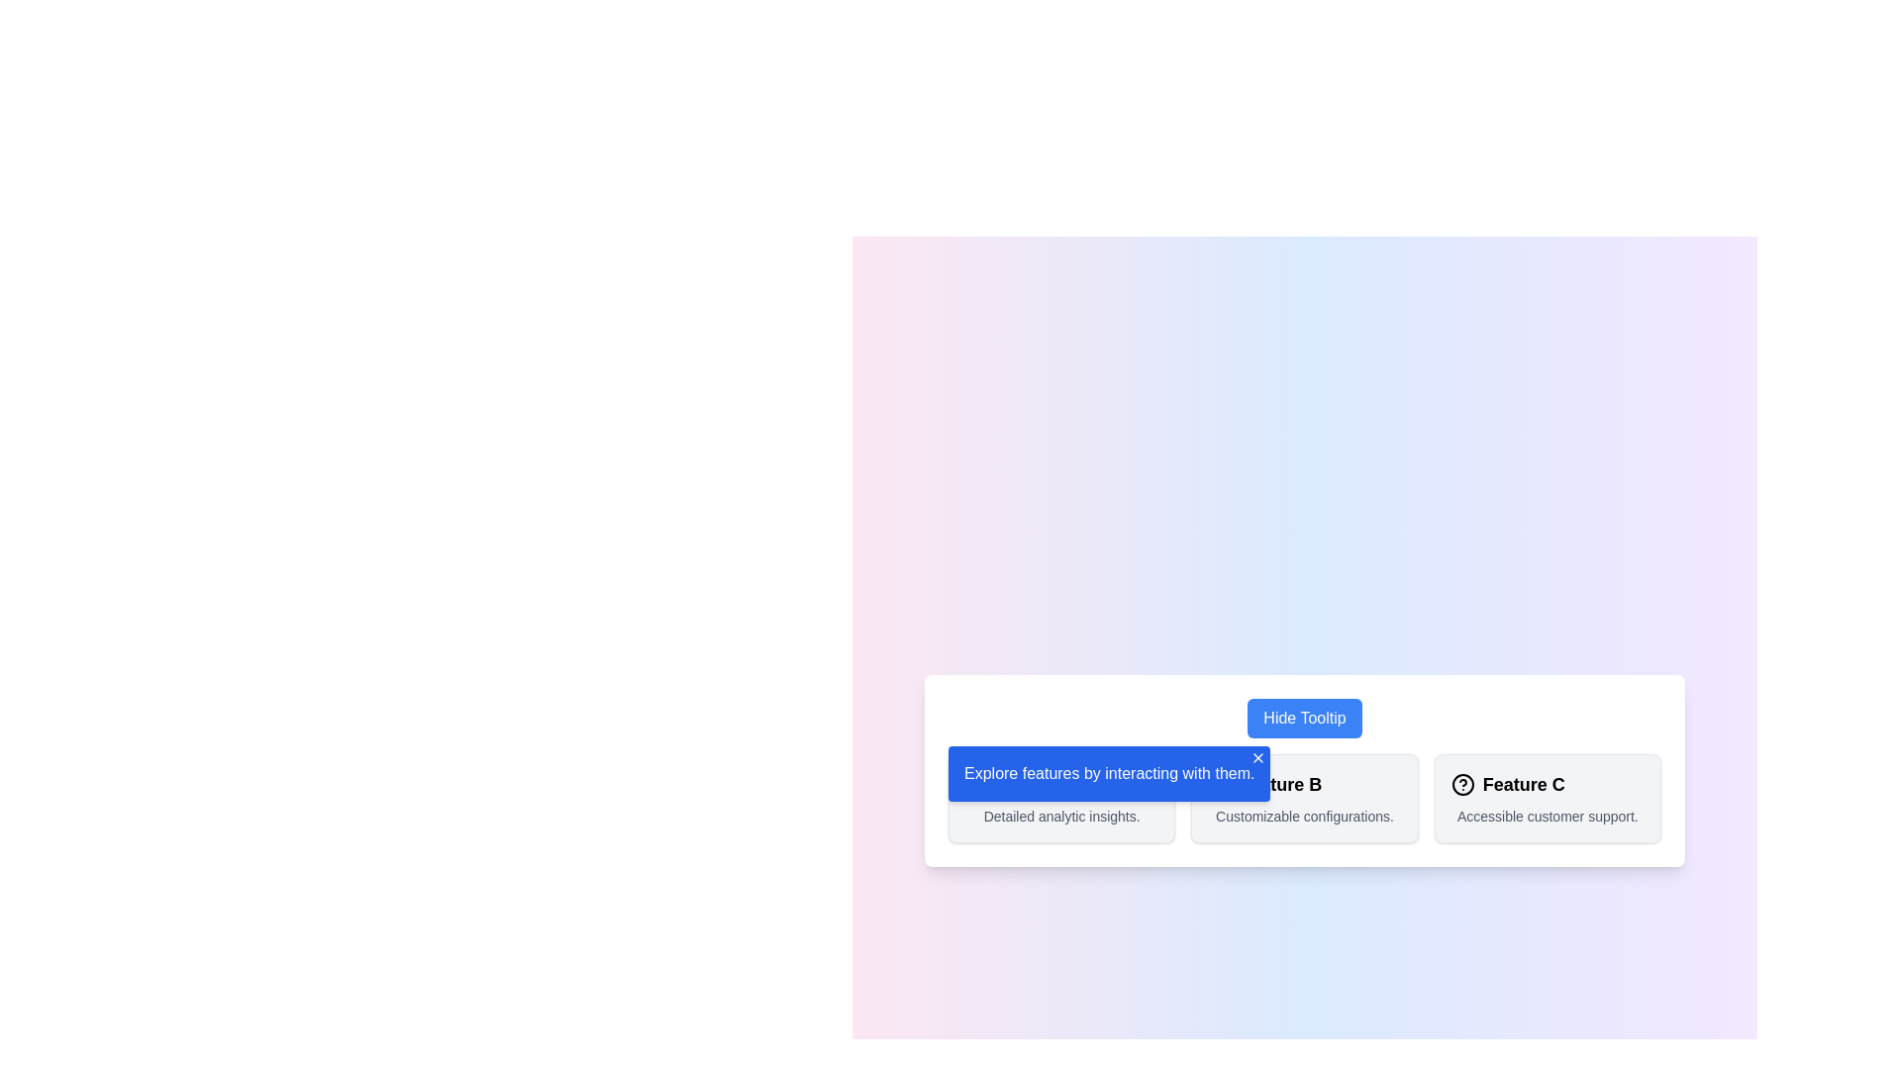  I want to click on text content of the informational card describing 'Feature B', which is the middle card in a three-card layout, so click(1305, 797).